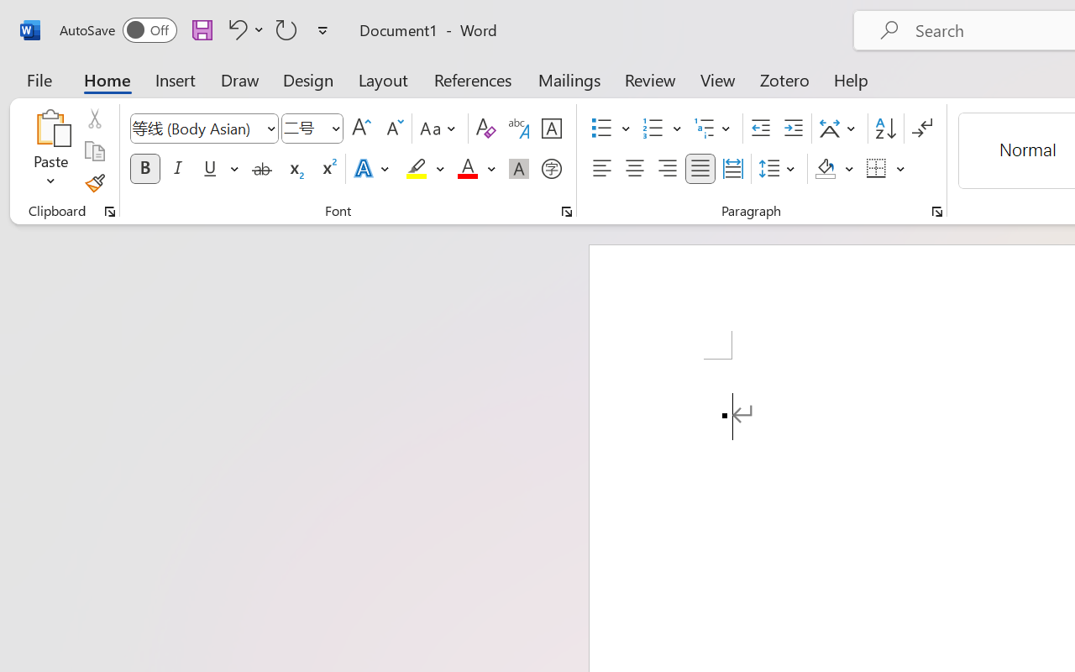  I want to click on 'Undo Apply Quick Style', so click(234, 29).